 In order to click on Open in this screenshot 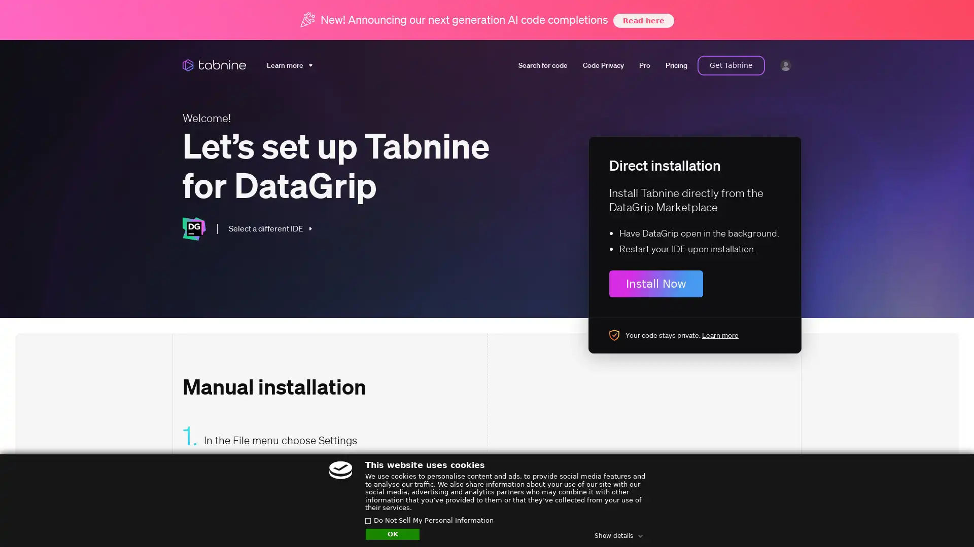, I will do `click(944, 520)`.